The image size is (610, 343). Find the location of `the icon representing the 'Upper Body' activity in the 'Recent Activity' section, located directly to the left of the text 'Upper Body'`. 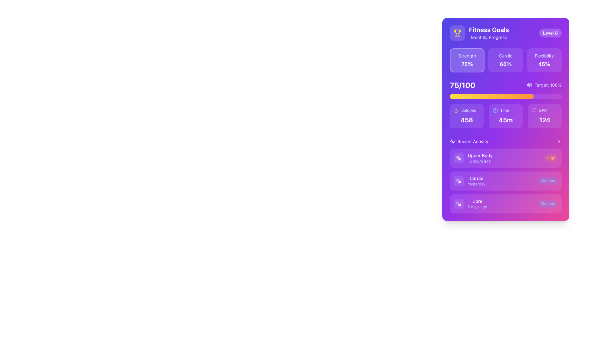

the icon representing the 'Upper Body' activity in the 'Recent Activity' section, located directly to the left of the text 'Upper Body' is located at coordinates (459, 158).